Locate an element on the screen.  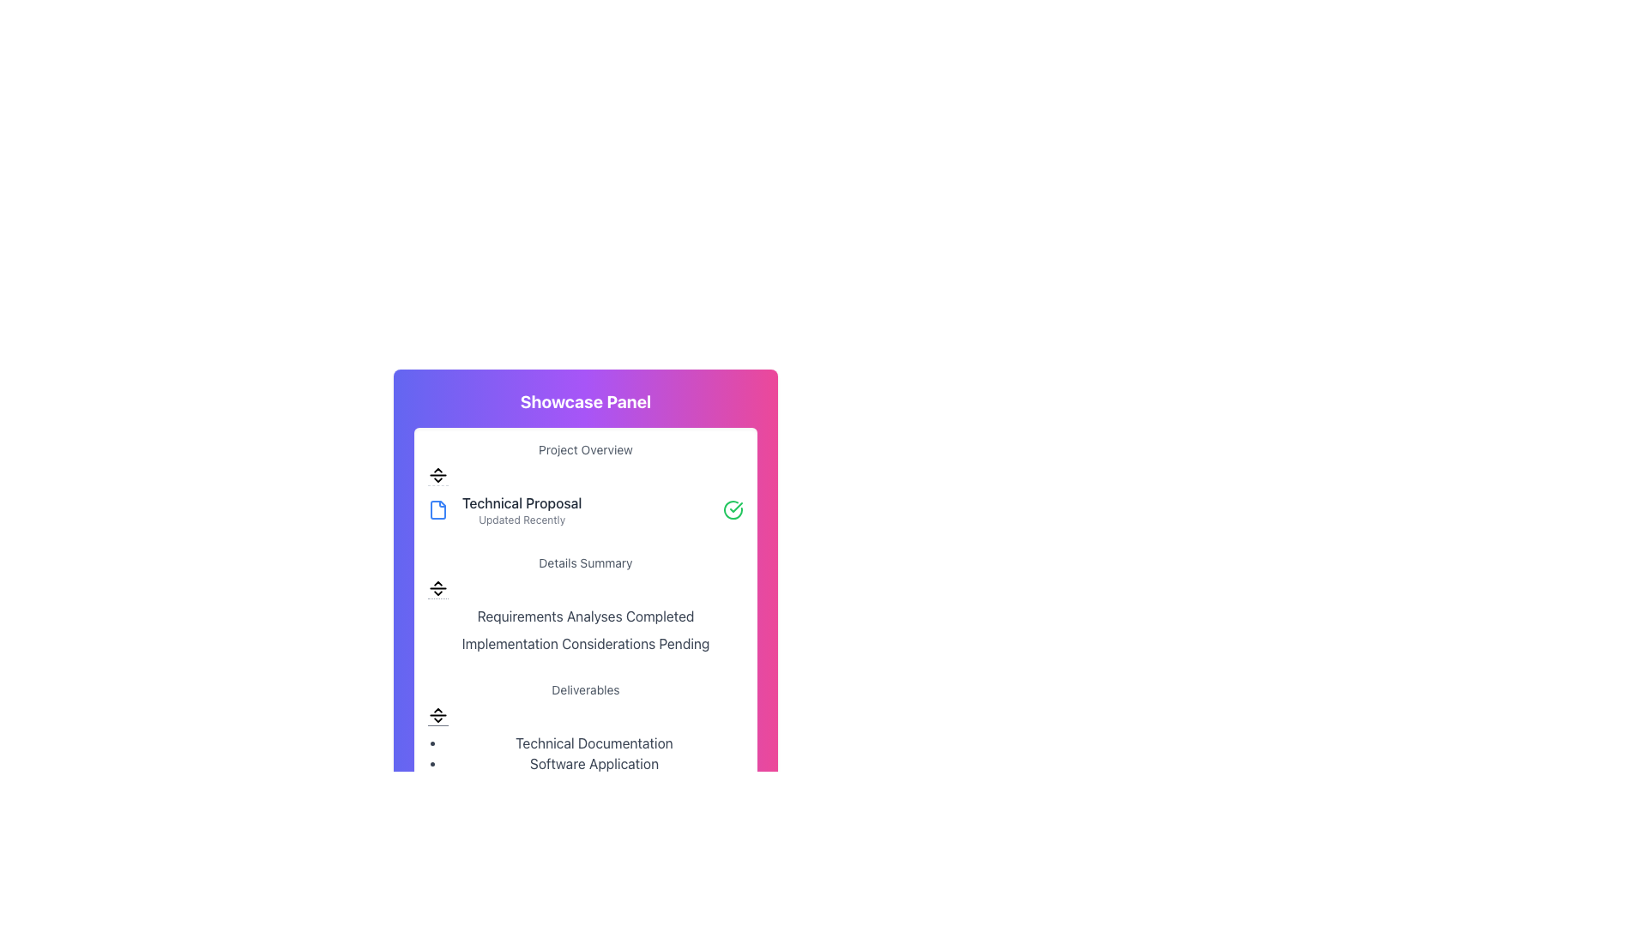
the state of the green checkmark icon located to the right of the 'Technical Proposal' text is located at coordinates (733, 508).